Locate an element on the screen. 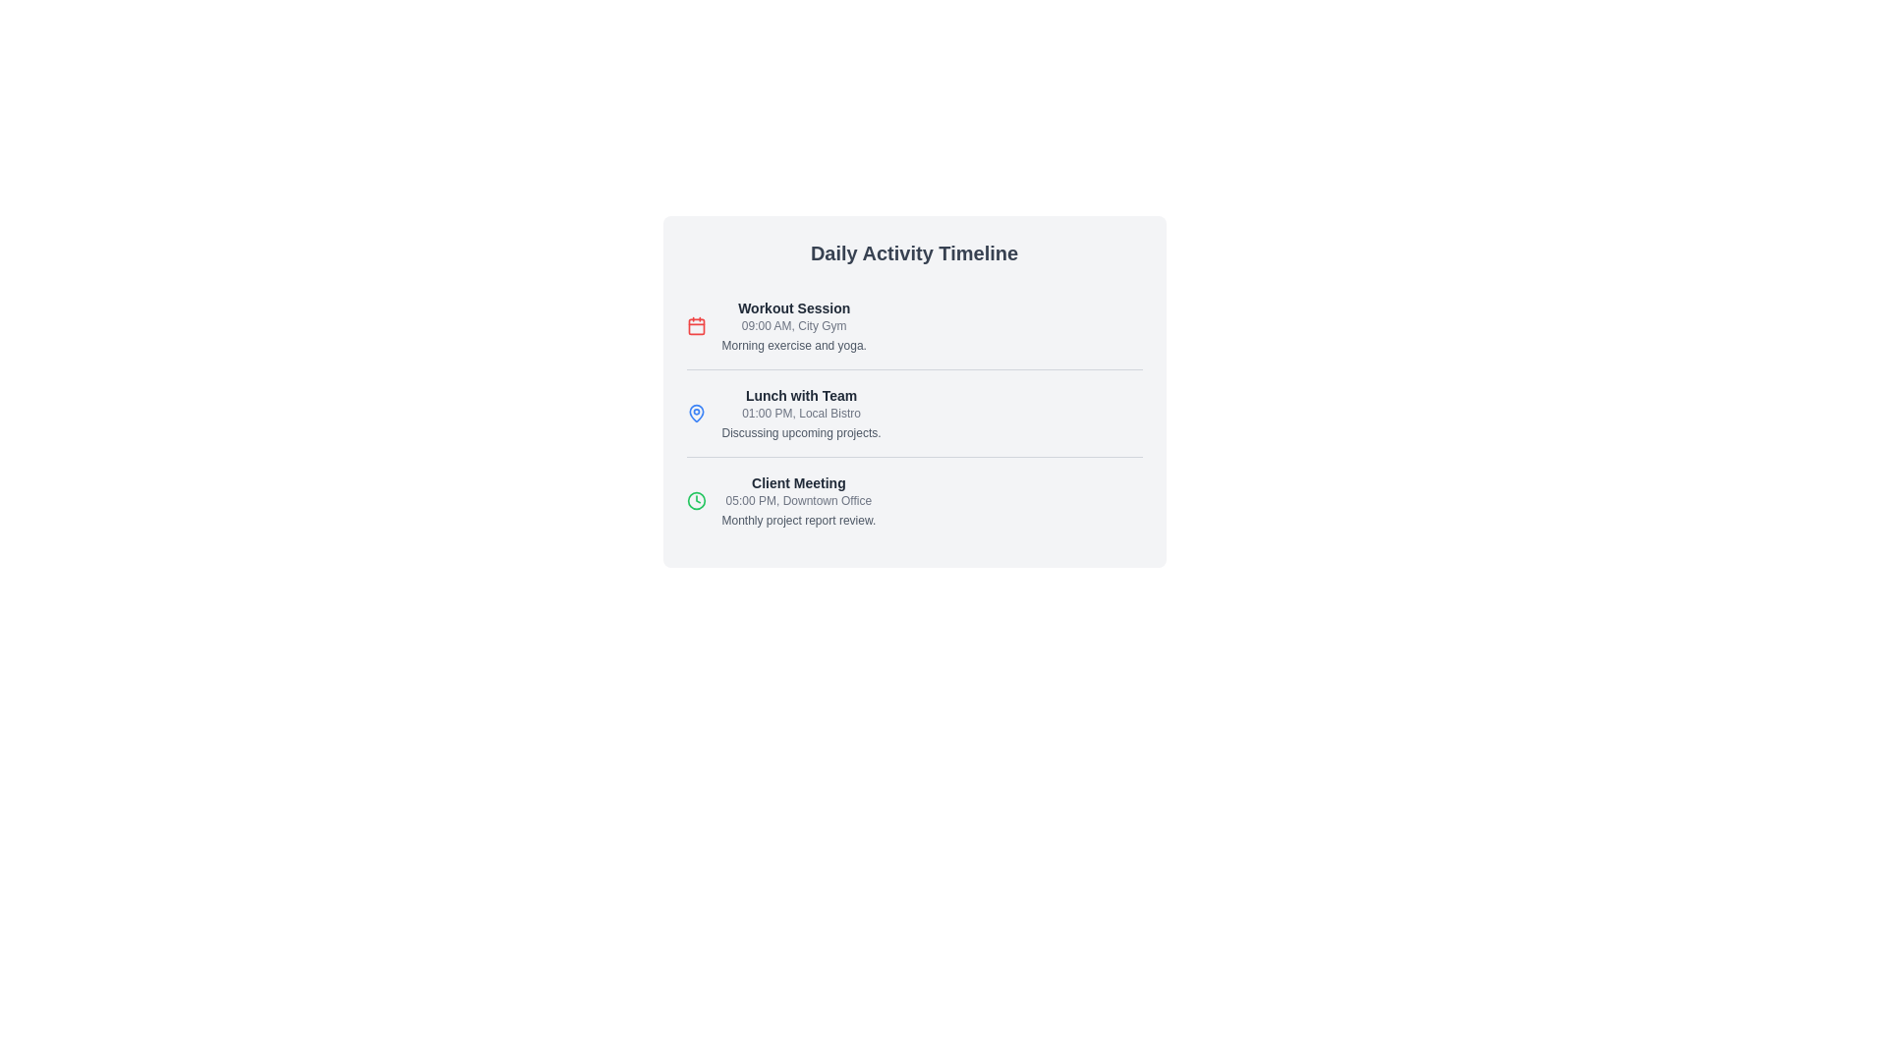  the second schedule entry in the list of events, which provides details about a planned activity, located between 'Workout Session' and 'Client Meeting' is located at coordinates (913, 412).